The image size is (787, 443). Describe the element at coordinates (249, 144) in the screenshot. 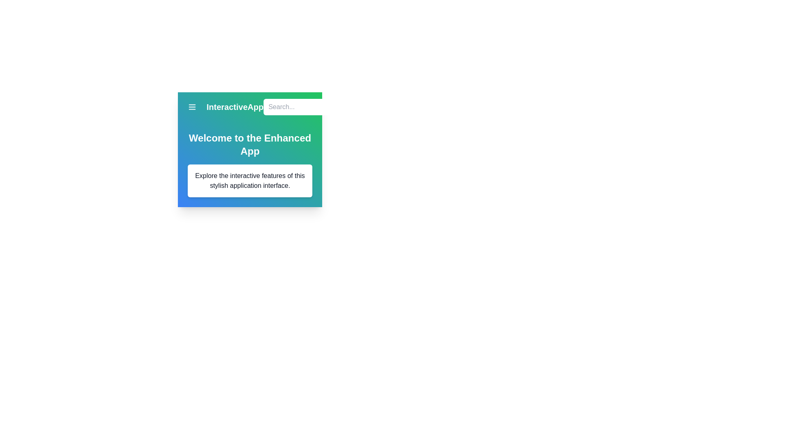

I see `the word 'Enhanced' in the text` at that location.